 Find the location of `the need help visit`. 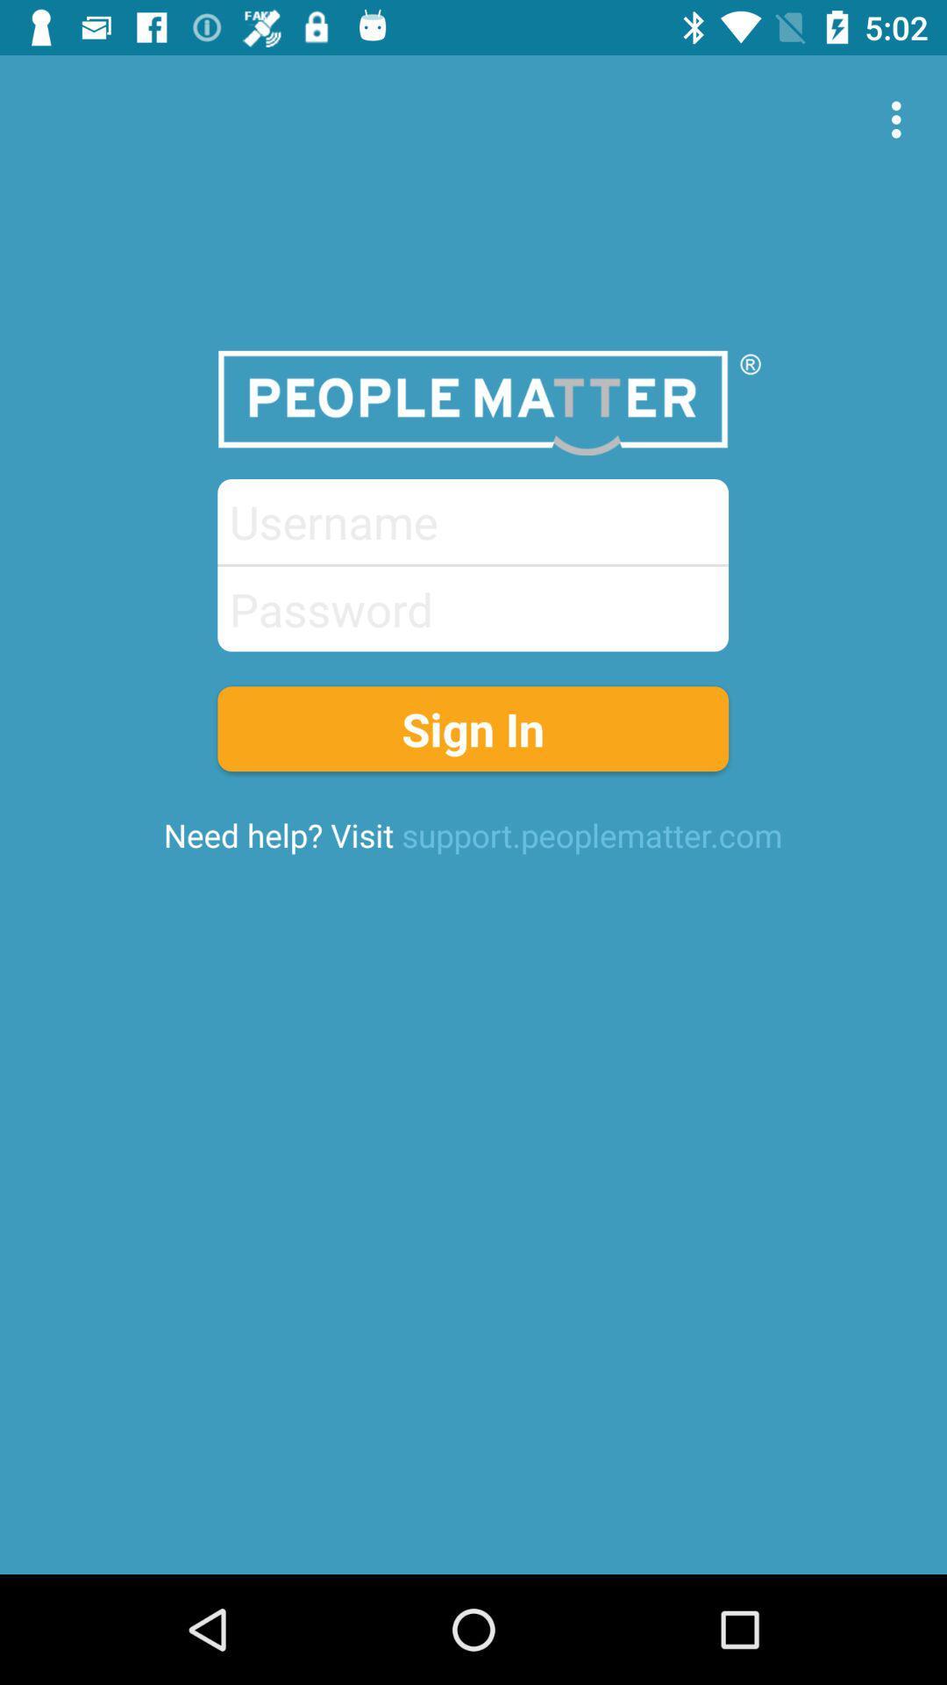

the need help visit is located at coordinates (472, 834).